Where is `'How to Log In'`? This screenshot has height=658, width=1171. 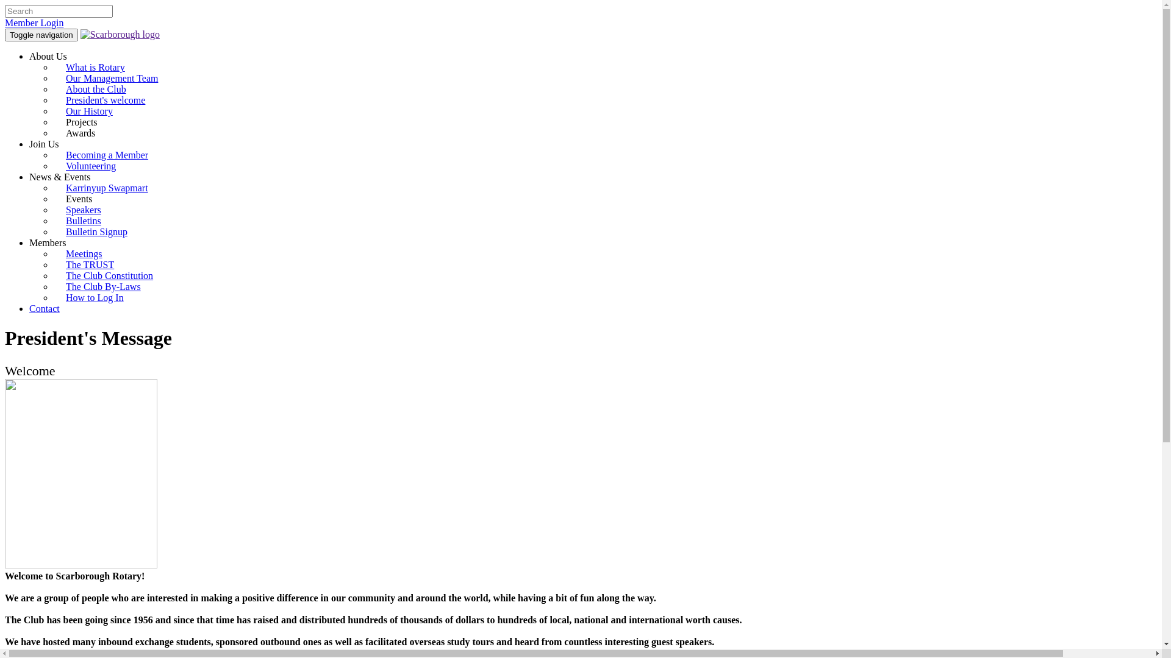 'How to Log In' is located at coordinates (94, 297).